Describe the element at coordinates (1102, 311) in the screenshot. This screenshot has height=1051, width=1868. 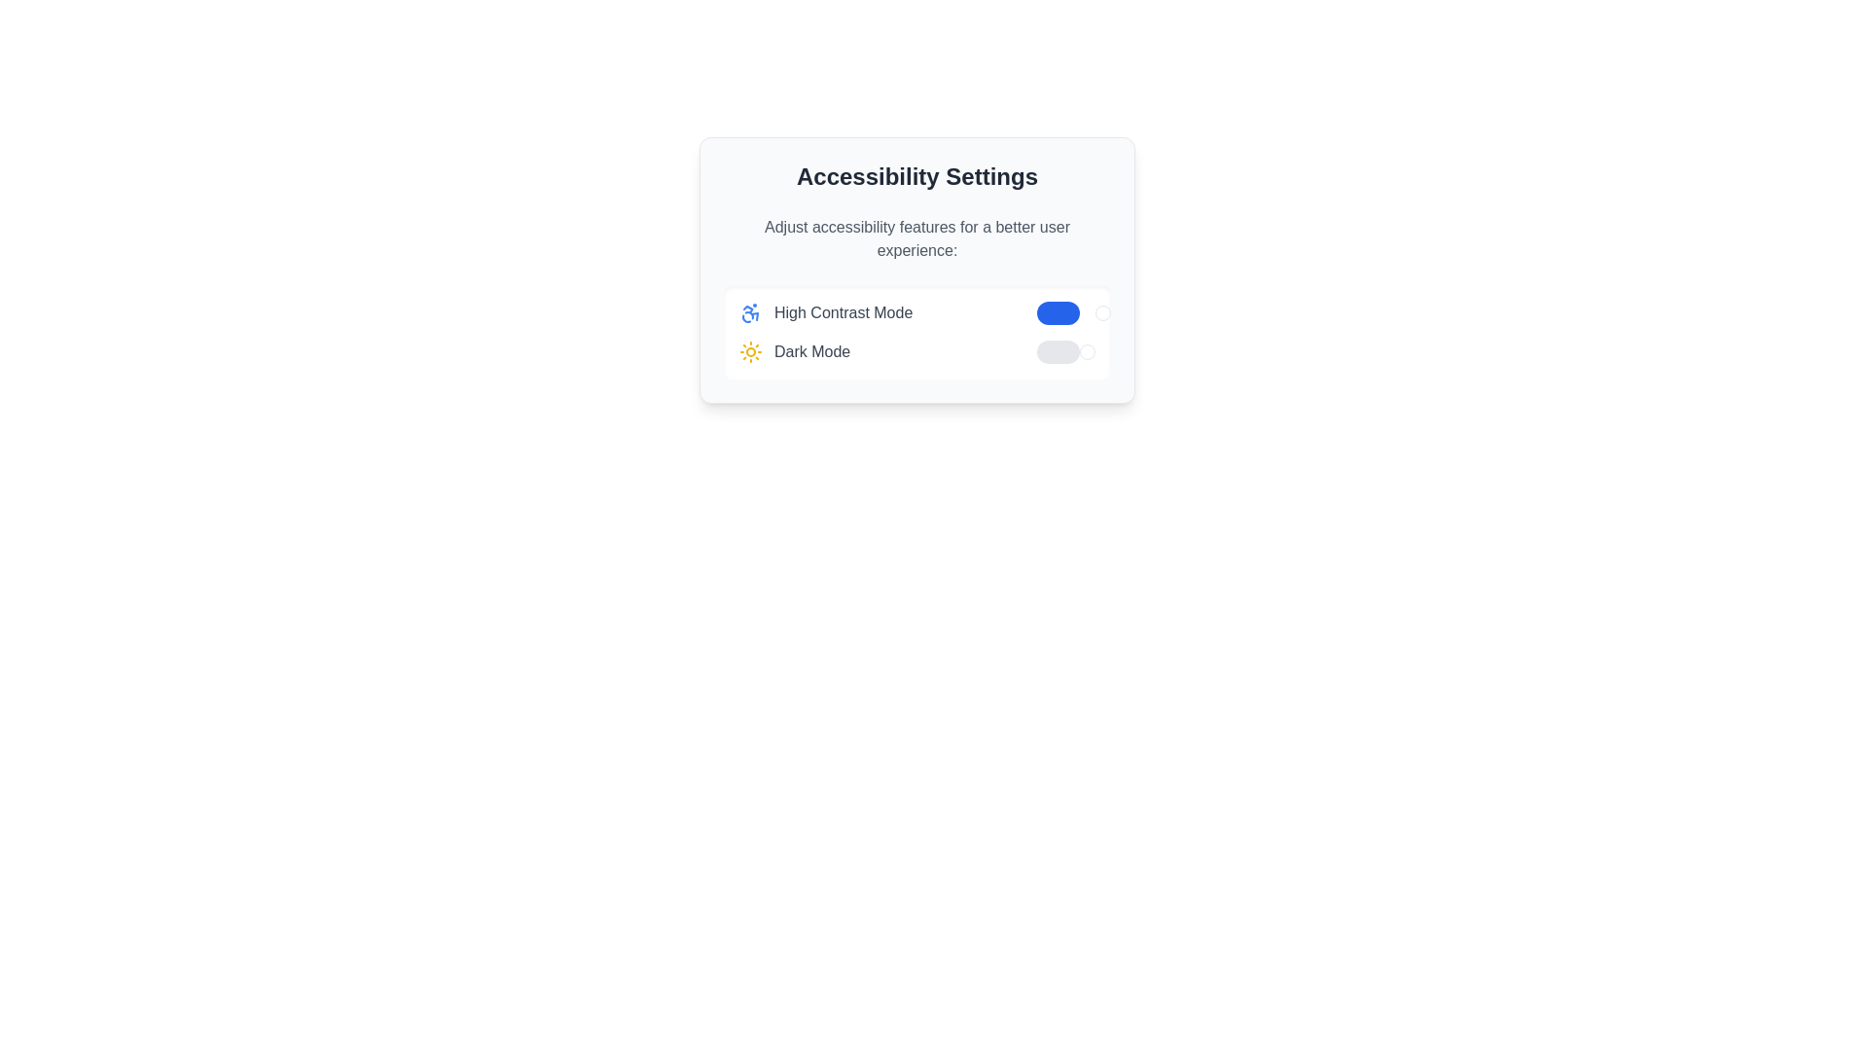
I see `the toggle switch indicator for 'High Contrast Mode'` at that location.